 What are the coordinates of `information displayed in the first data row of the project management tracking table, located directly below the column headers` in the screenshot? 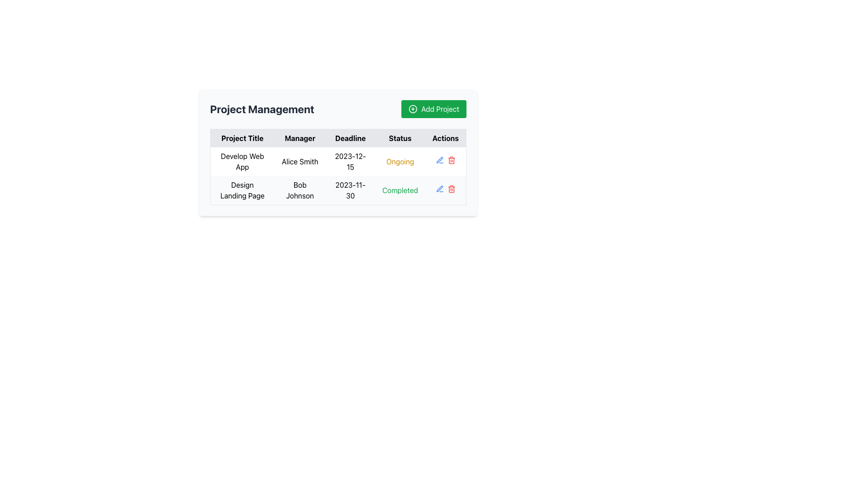 It's located at (338, 176).